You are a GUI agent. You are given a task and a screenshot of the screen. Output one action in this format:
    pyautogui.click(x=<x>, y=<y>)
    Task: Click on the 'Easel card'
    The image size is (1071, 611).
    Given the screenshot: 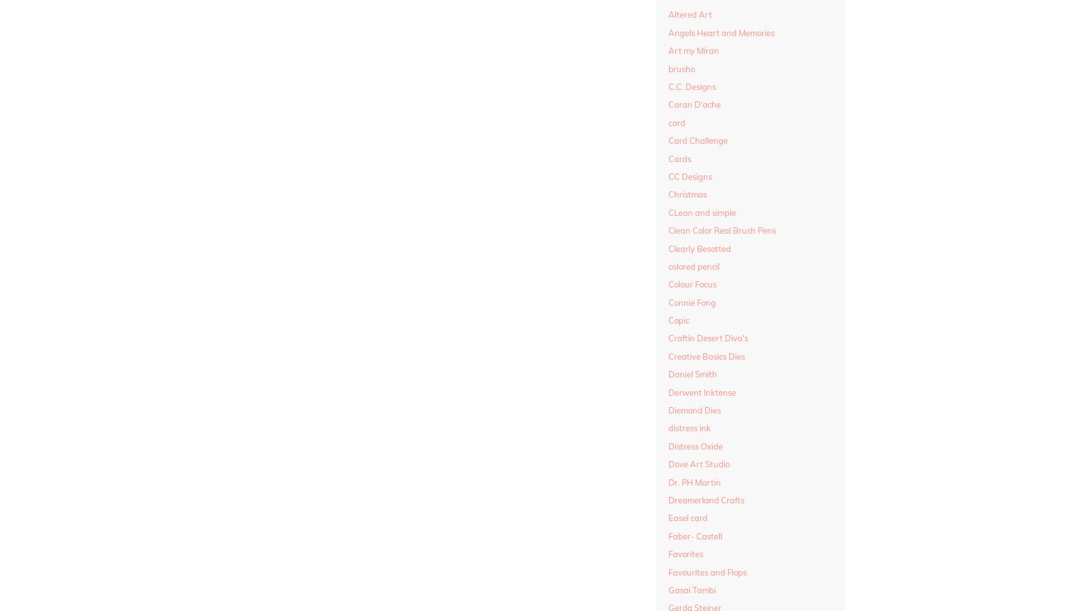 What is the action you would take?
    pyautogui.click(x=687, y=517)
    